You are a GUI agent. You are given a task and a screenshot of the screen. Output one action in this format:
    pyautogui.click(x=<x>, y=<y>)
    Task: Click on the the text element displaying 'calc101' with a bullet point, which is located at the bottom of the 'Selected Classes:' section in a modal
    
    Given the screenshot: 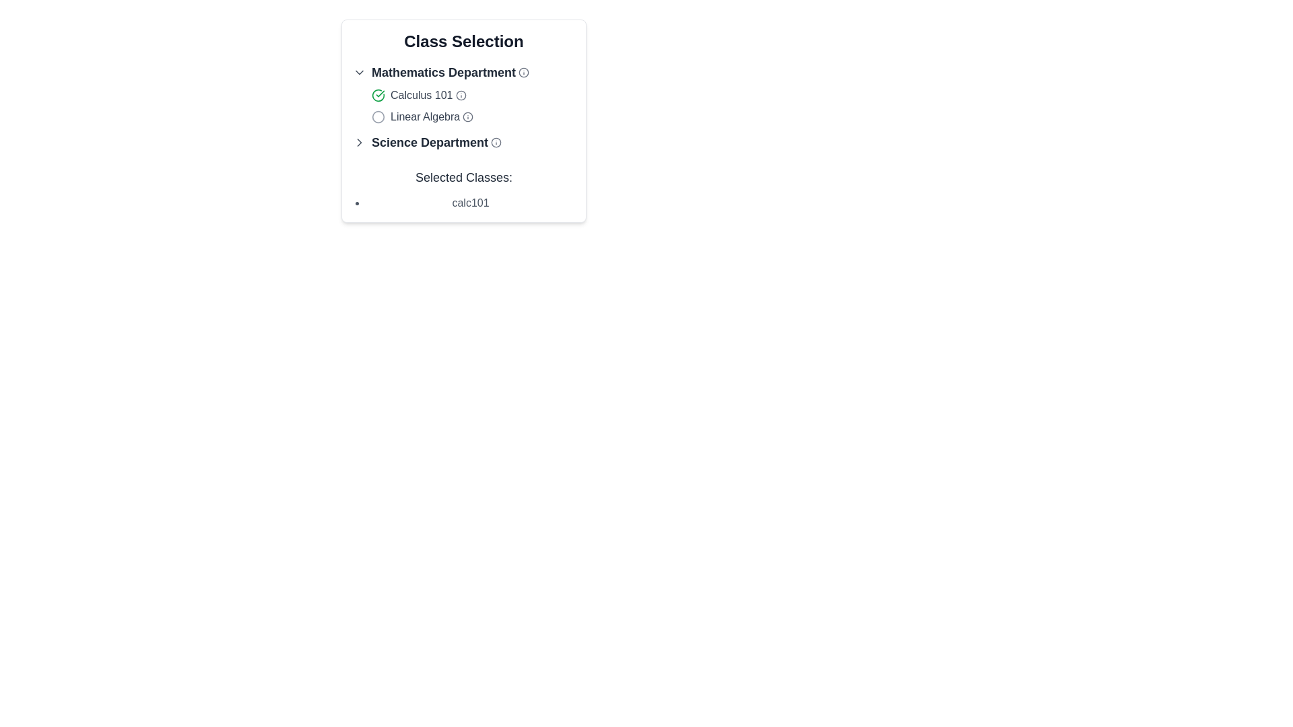 What is the action you would take?
    pyautogui.click(x=464, y=203)
    